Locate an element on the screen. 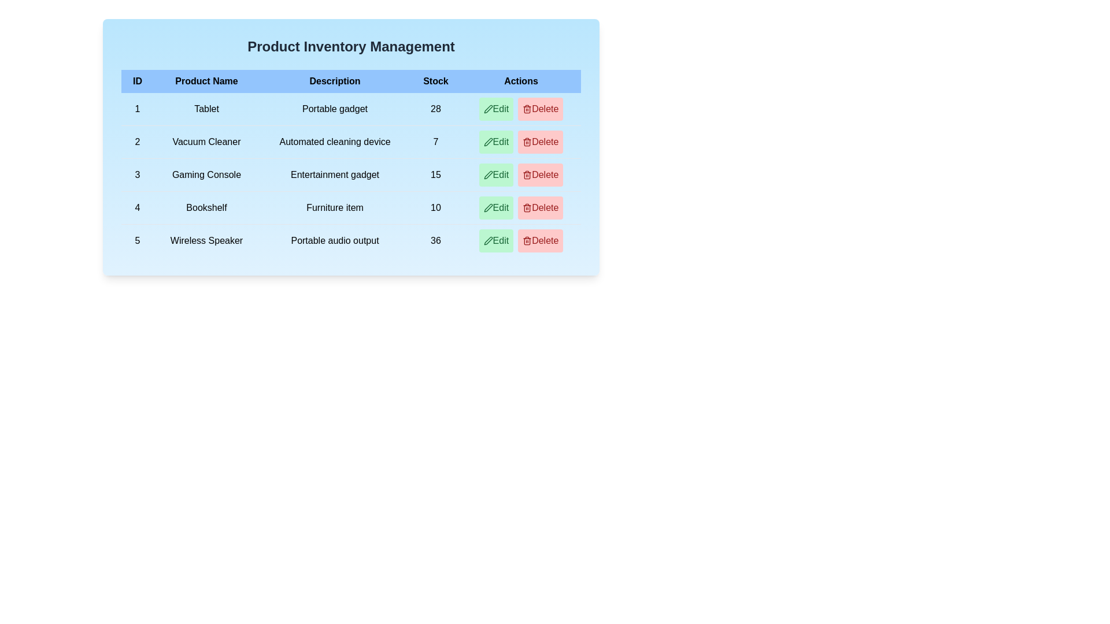 This screenshot has width=1110, height=624. the edit icon in the green 'Edit' button located in the 'Actions' column of the third row of the 'Product Inventory Management' table to trigger potential visual effects is located at coordinates (488, 175).